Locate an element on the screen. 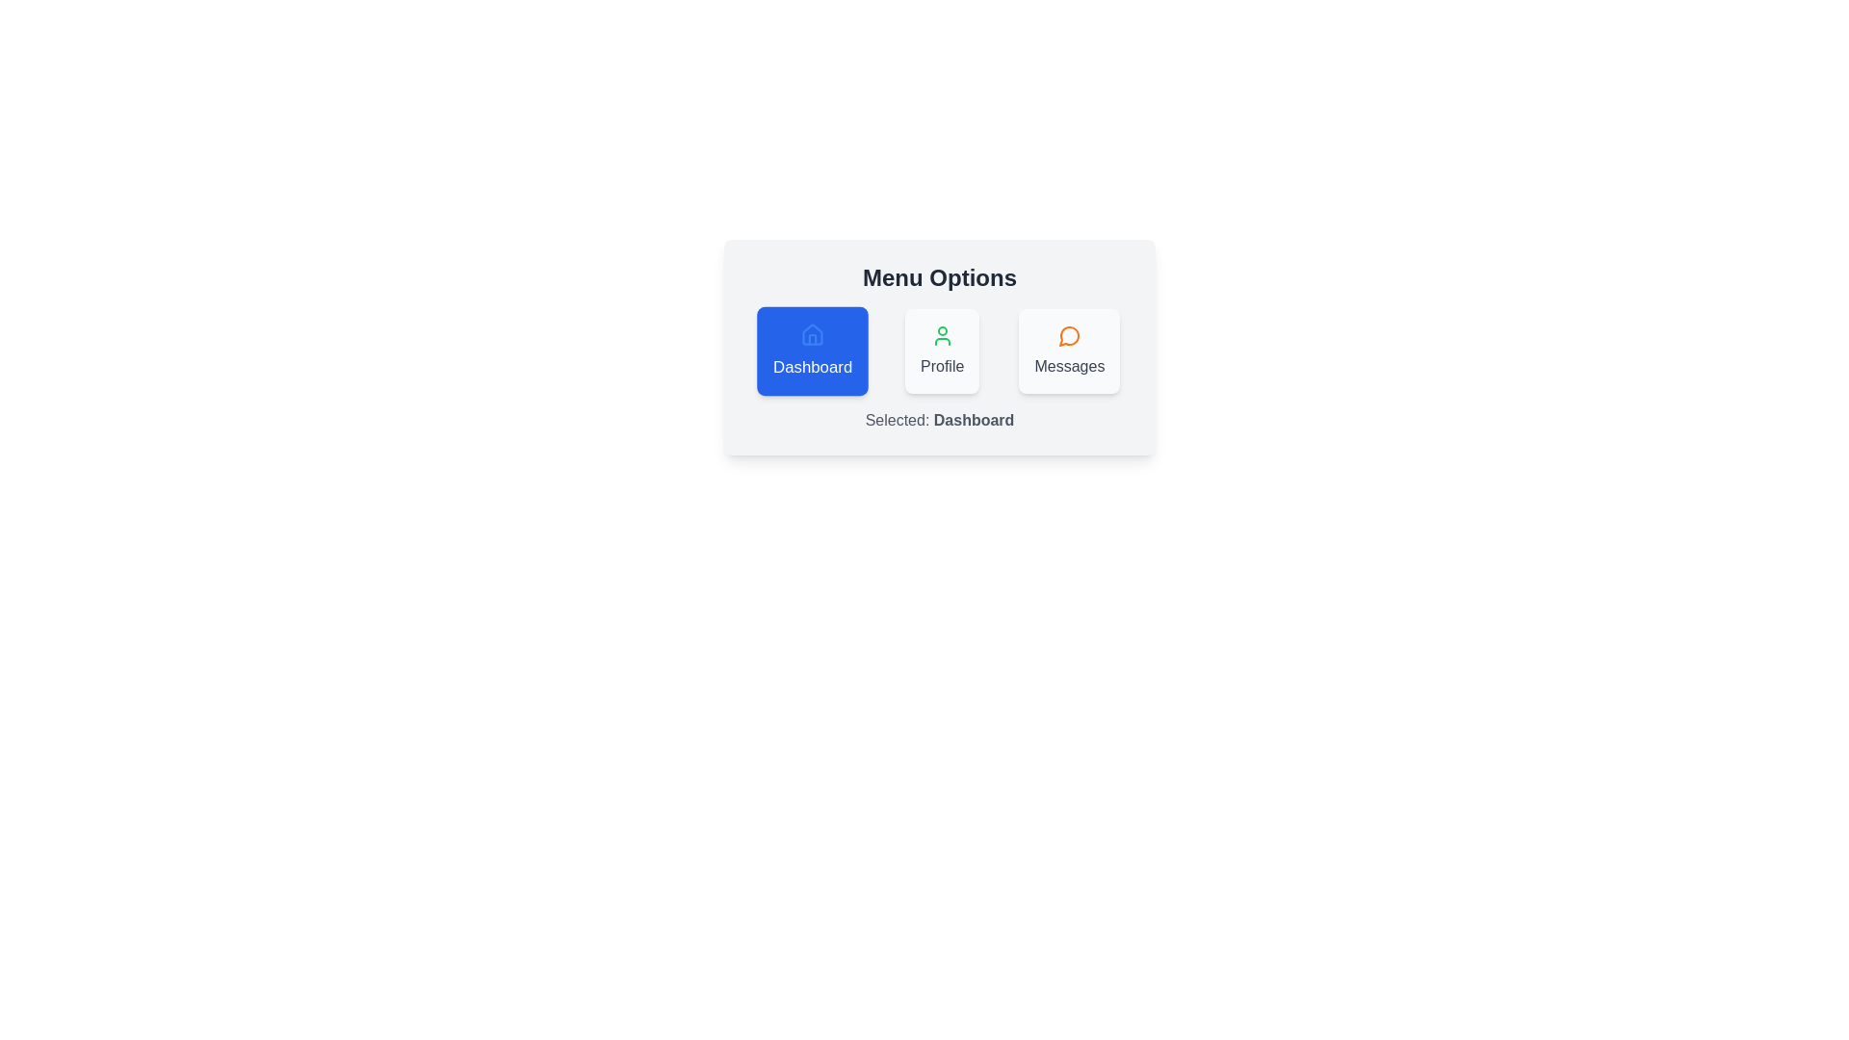 The width and height of the screenshot is (1849, 1040). the Dashboard chip to observe its hover effect is located at coordinates (812, 351).